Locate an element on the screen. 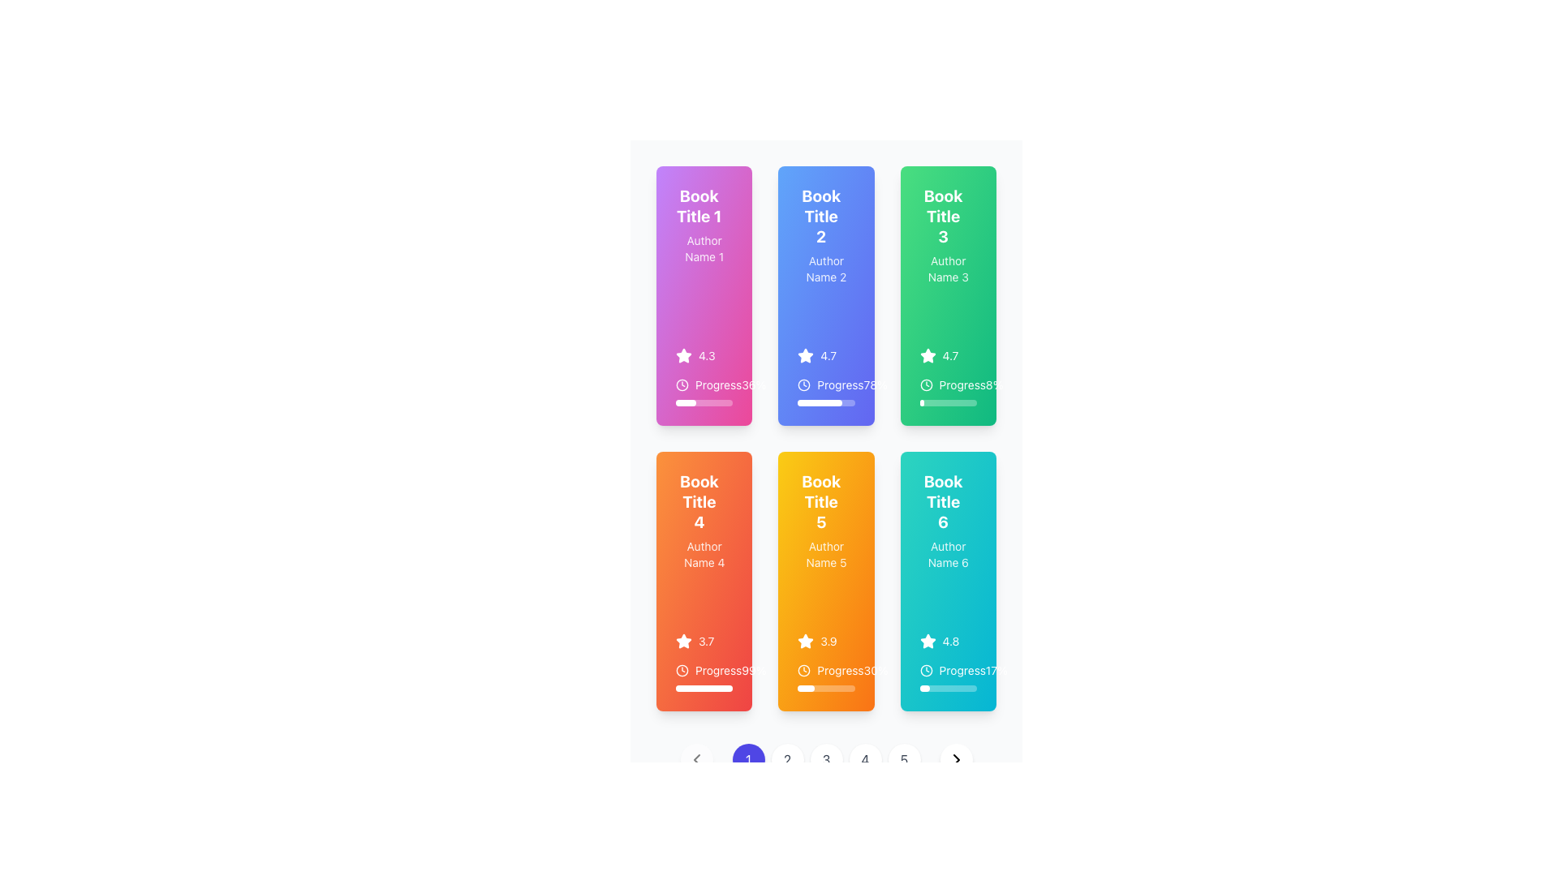 This screenshot has width=1558, height=876. the progress bar within the orange card labeled 'Book Title 5' is located at coordinates (806, 688).